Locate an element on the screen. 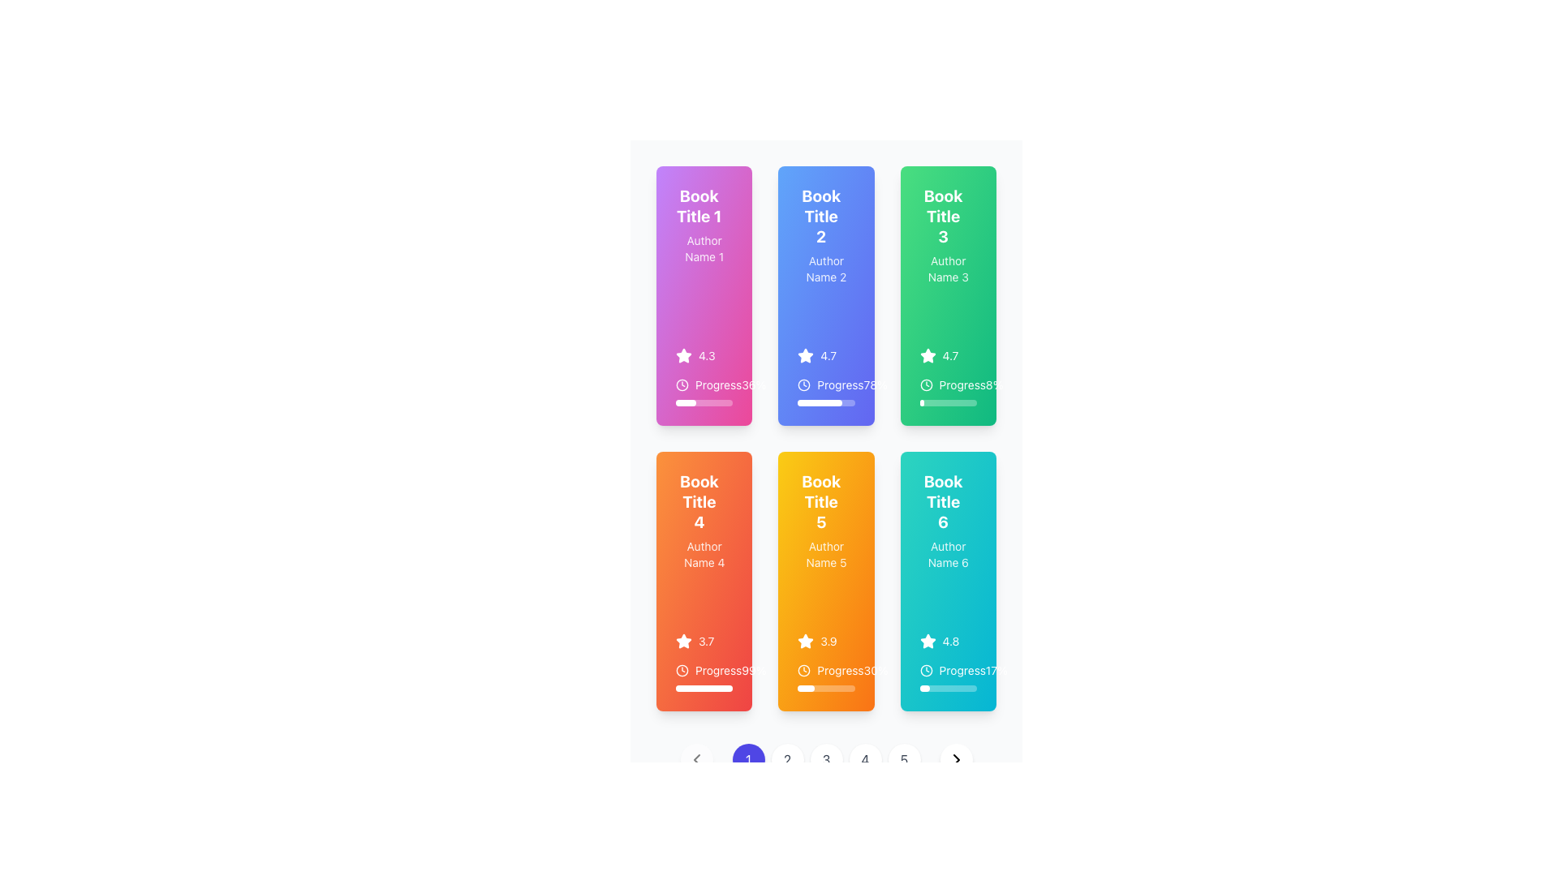 This screenshot has width=1558, height=876. the progress bar within the orange card labeled 'Book Title 5' is located at coordinates (806, 688).